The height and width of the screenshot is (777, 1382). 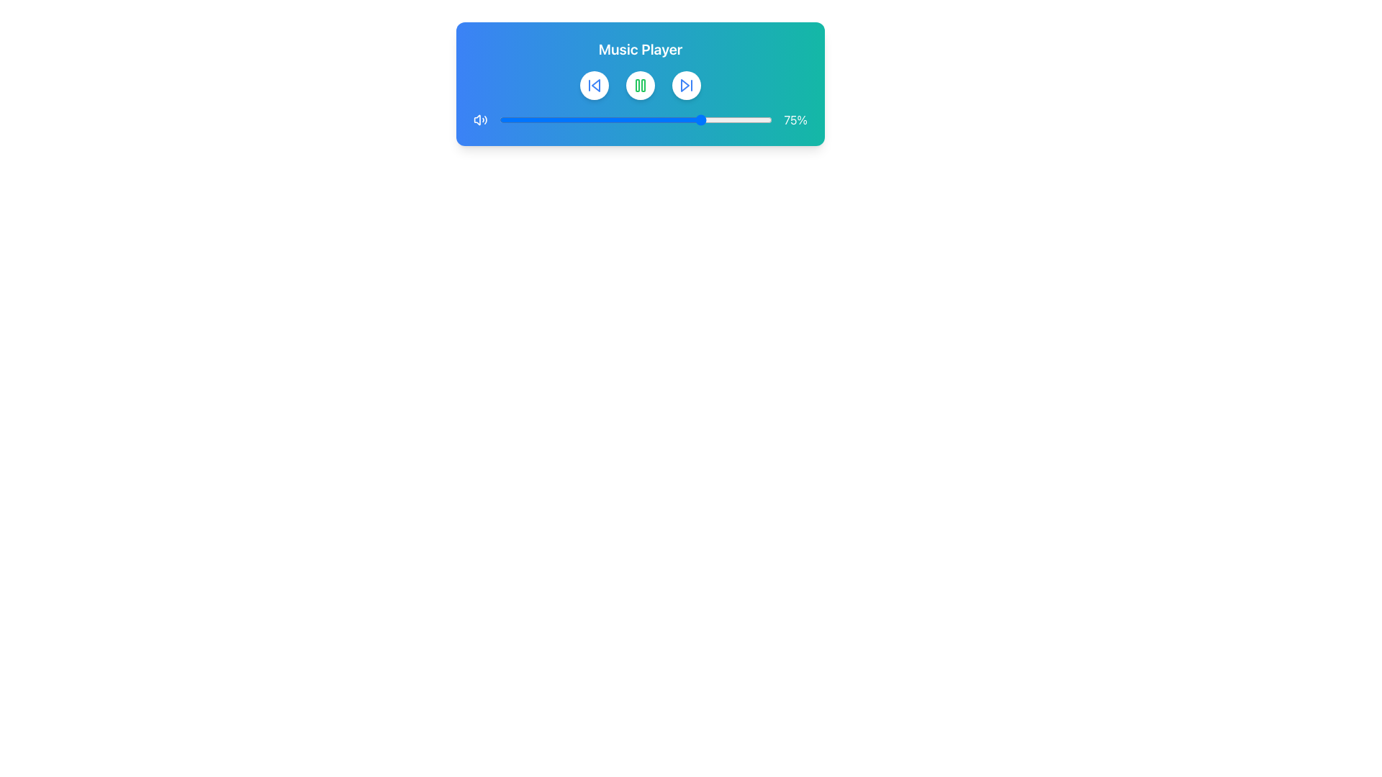 I want to click on the circular button with a white background and a blue outline of a backward arrow icon, so click(x=594, y=86).